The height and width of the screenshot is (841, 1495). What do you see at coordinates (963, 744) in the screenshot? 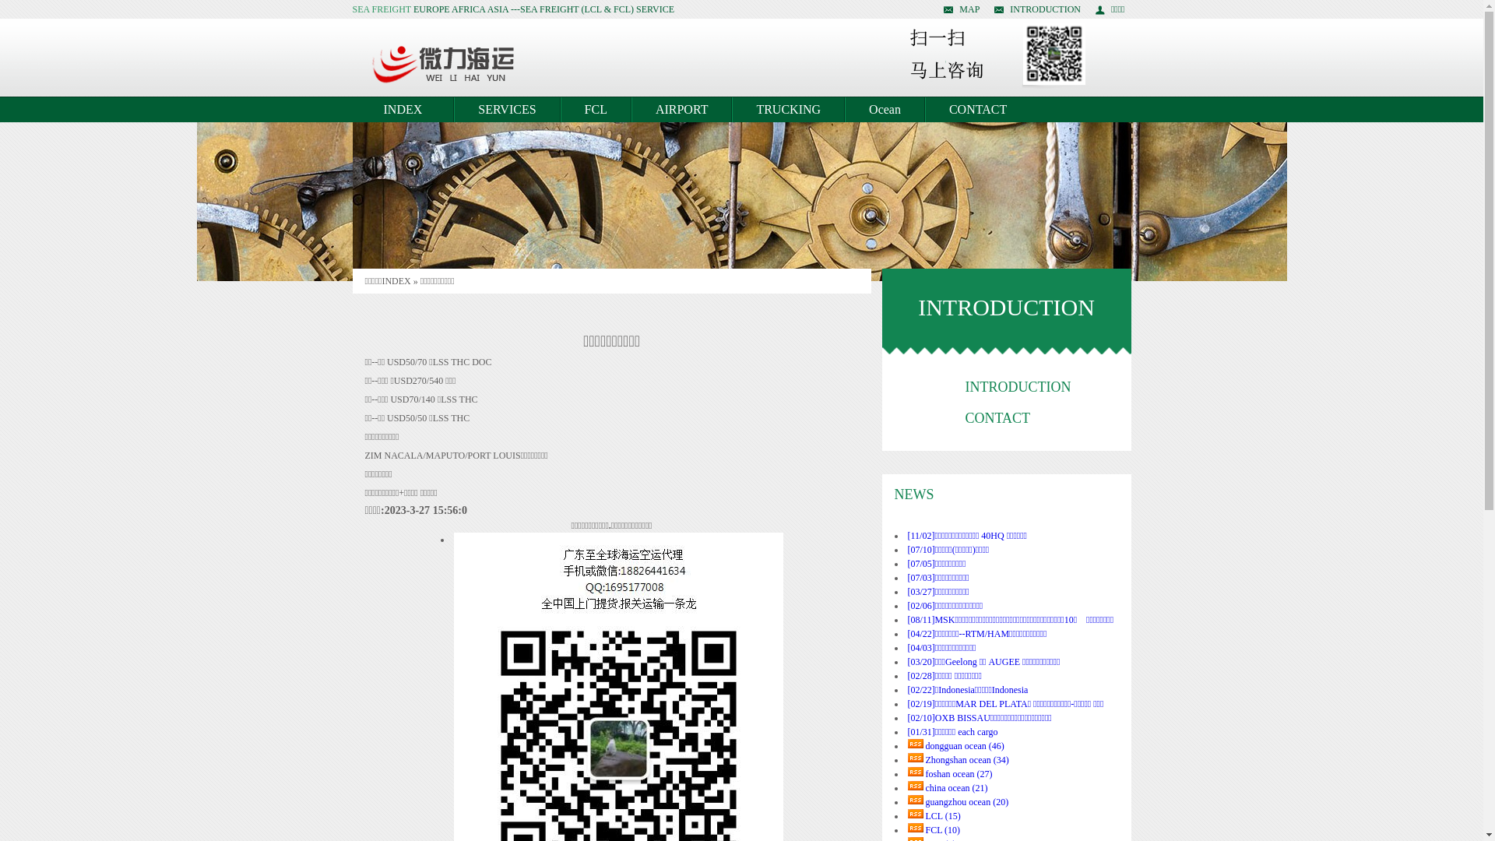
I see `'dongguan ocean (46)'` at bounding box center [963, 744].